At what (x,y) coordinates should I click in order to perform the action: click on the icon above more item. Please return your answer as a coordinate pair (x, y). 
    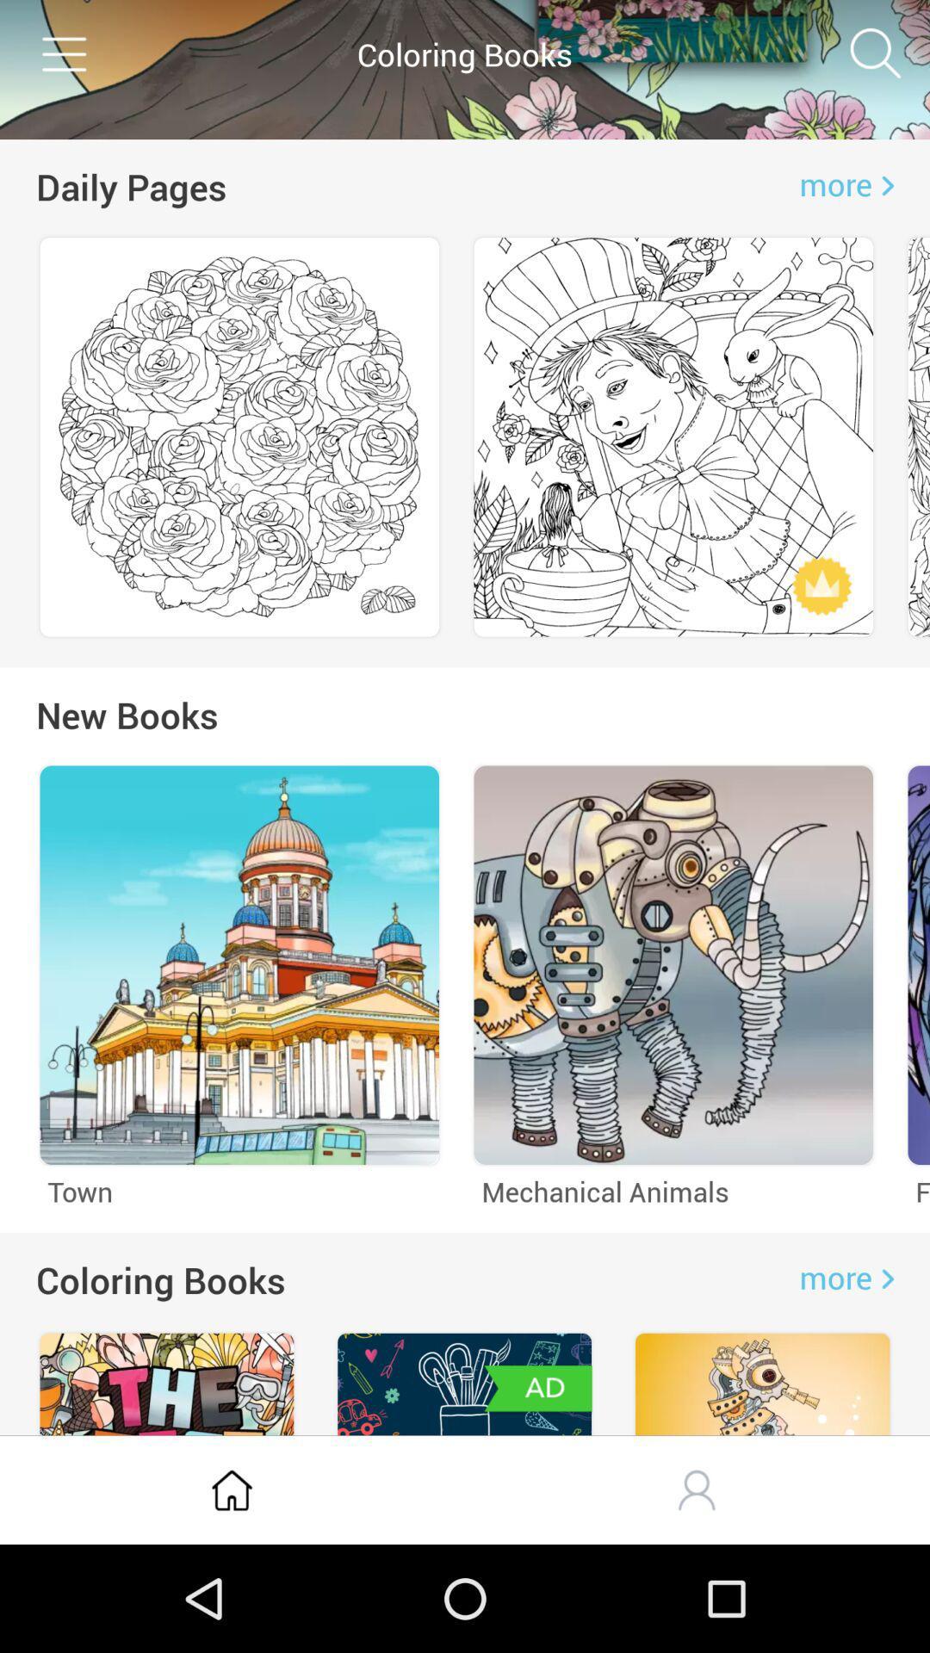
    Looking at the image, I should click on (876, 53).